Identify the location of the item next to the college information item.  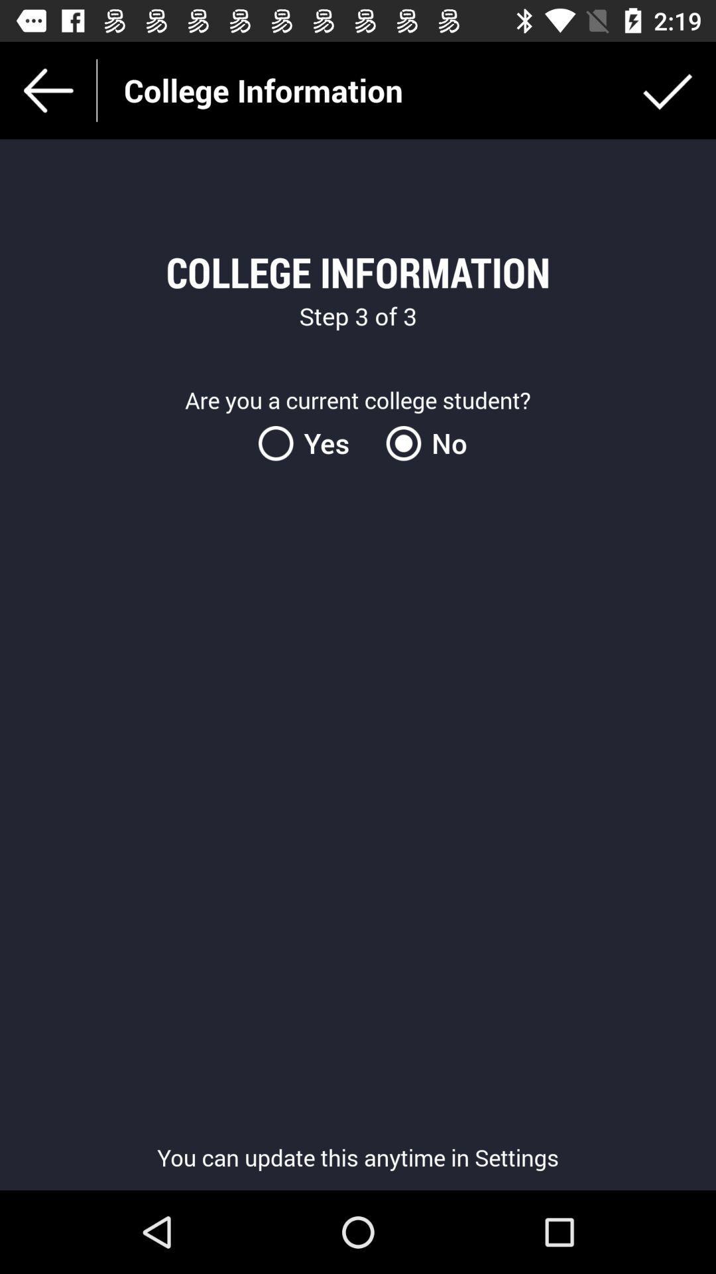
(667, 90).